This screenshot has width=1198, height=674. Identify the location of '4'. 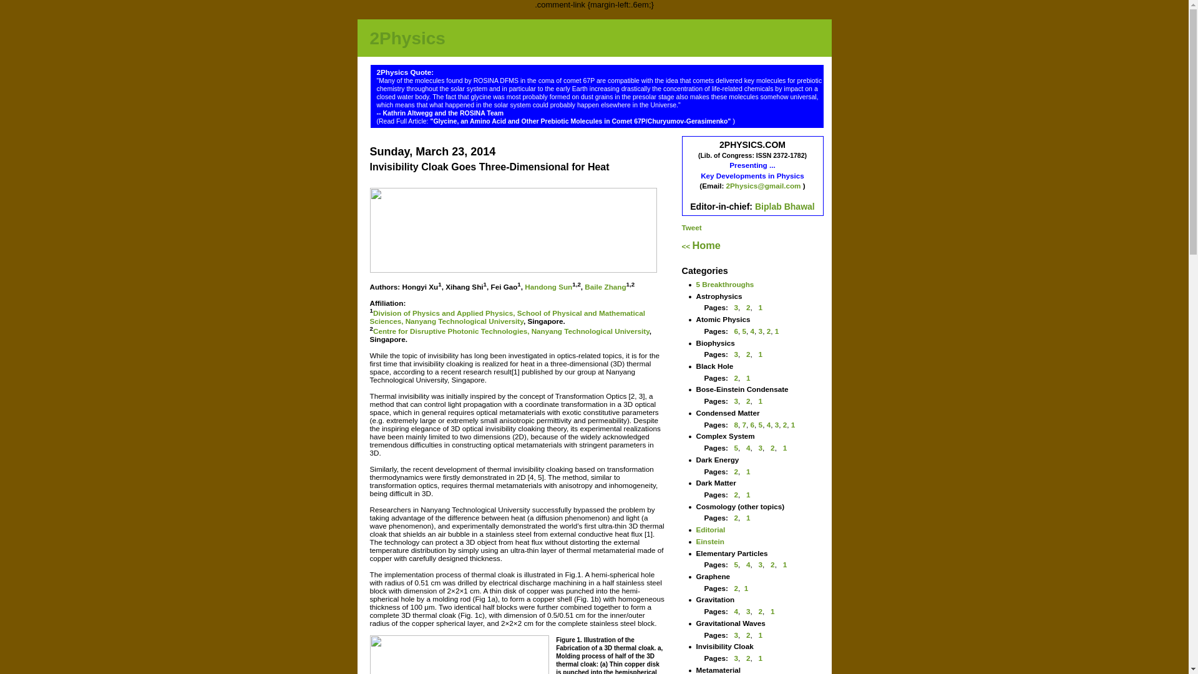
(734, 610).